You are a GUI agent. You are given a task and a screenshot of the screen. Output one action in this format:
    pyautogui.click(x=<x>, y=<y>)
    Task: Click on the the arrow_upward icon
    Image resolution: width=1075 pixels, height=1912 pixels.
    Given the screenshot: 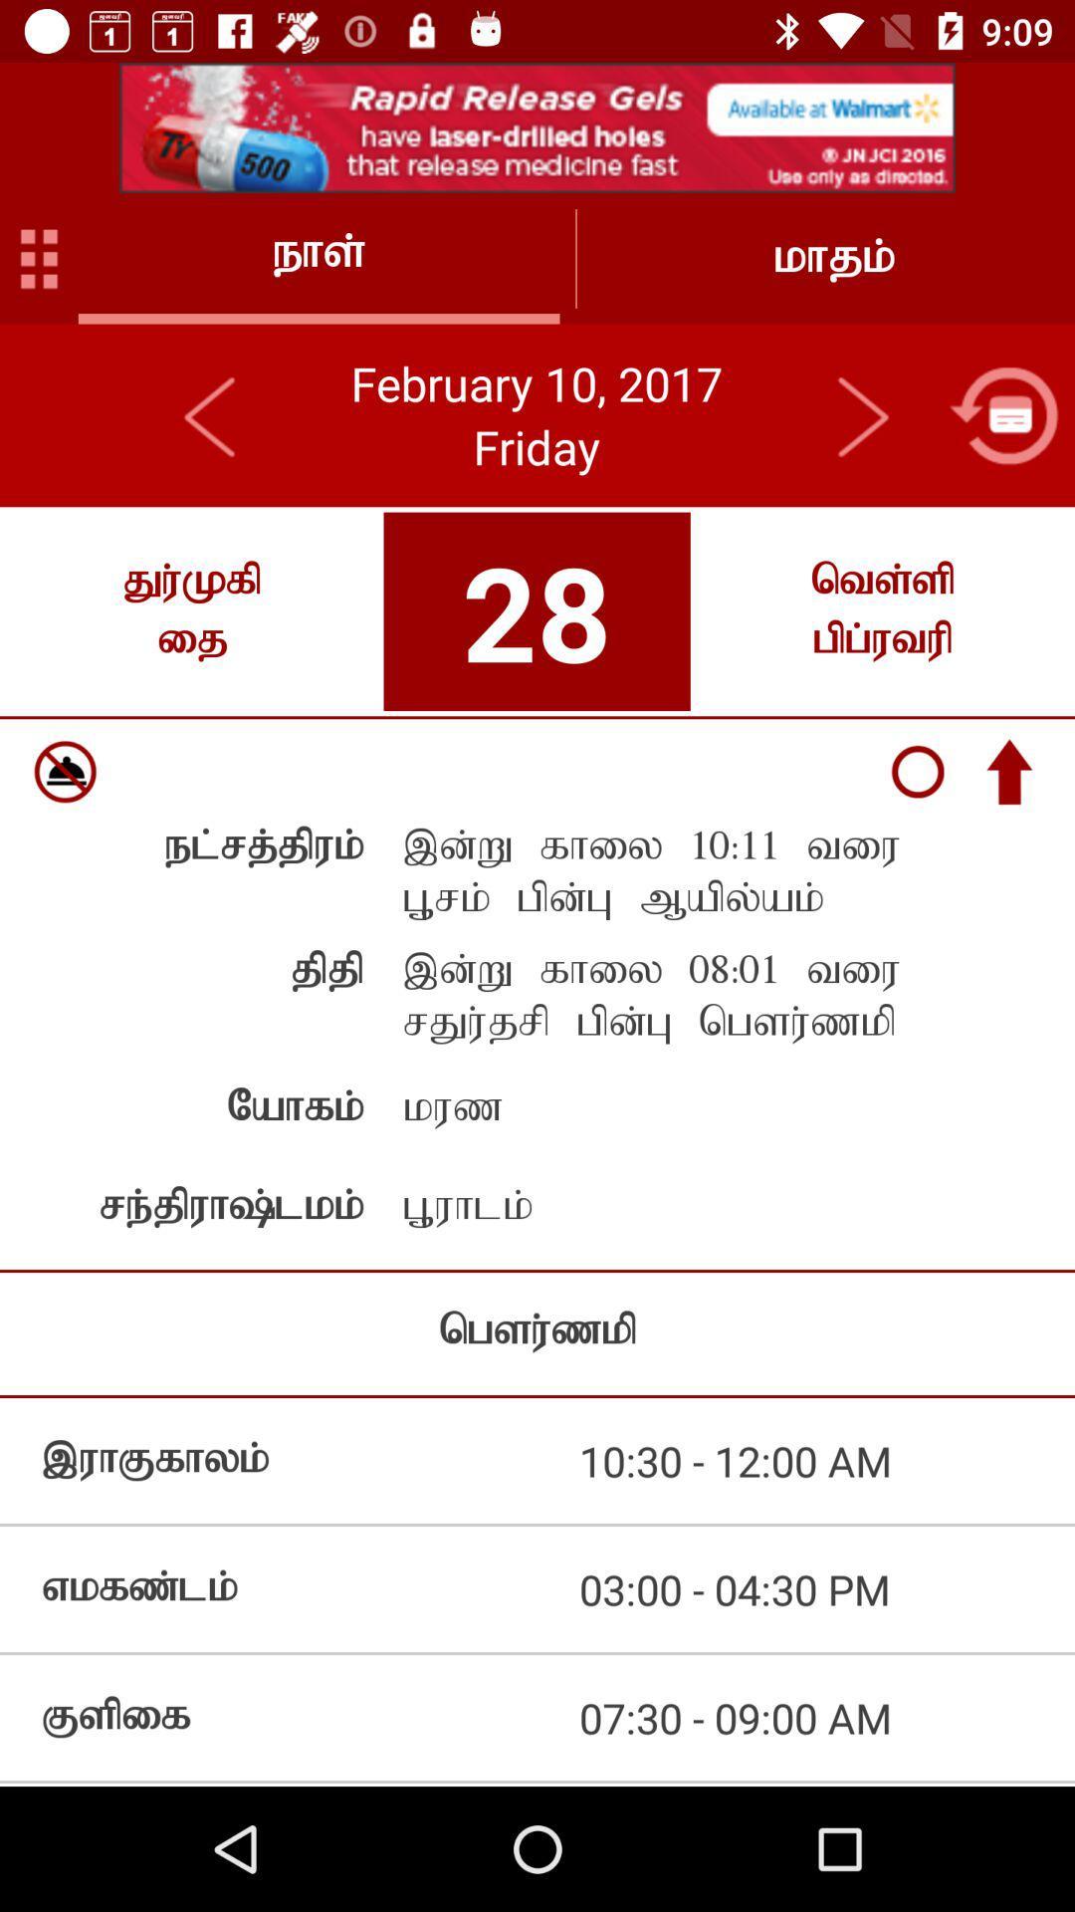 What is the action you would take?
    pyautogui.click(x=1009, y=771)
    